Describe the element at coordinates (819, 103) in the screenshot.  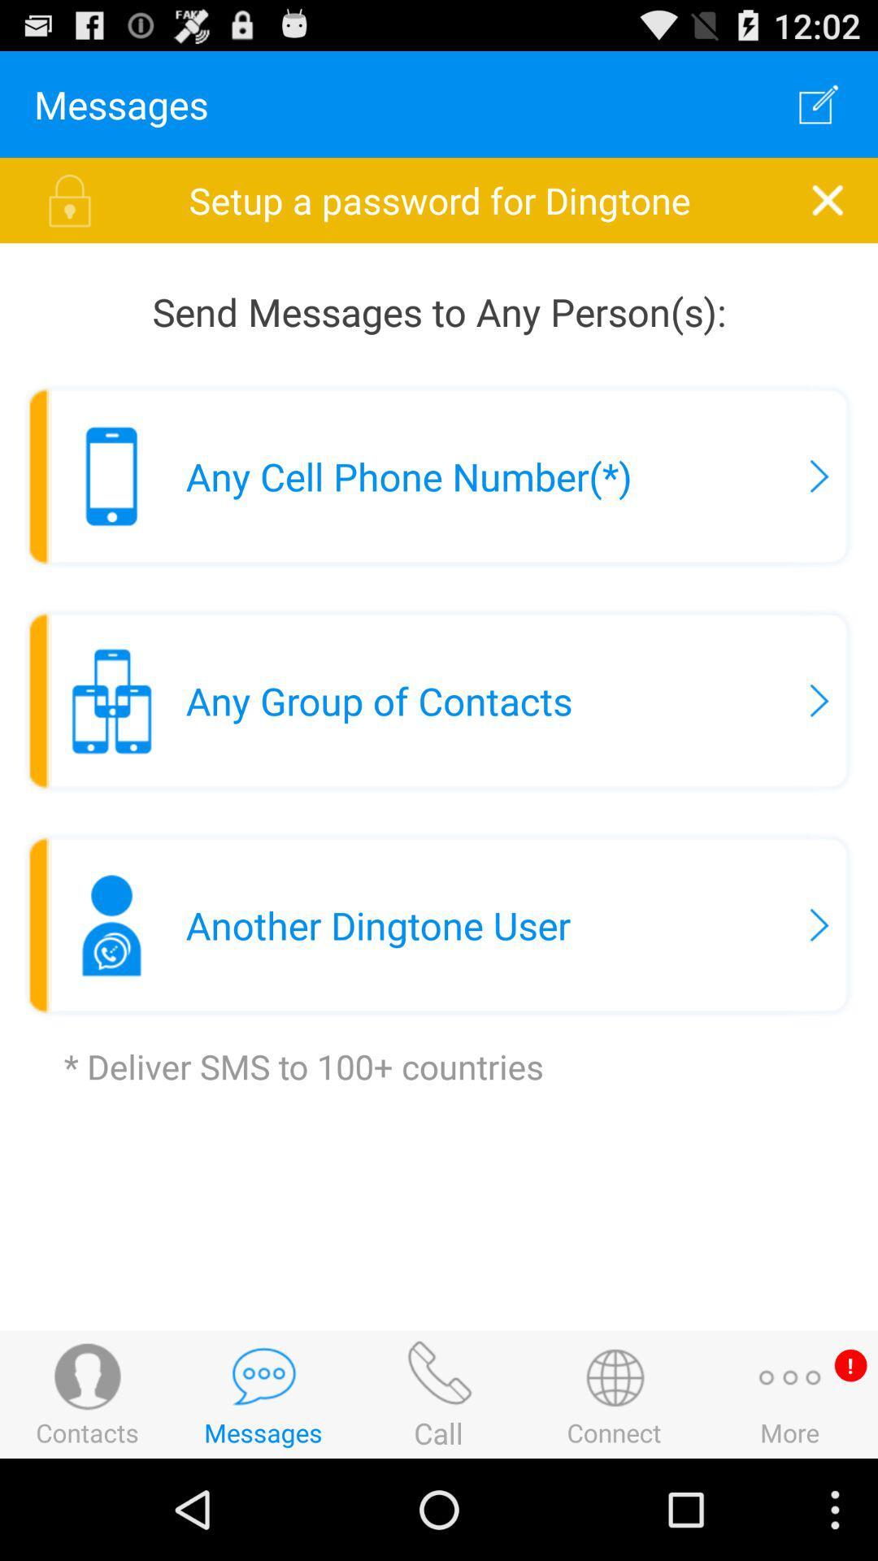
I see `app above the setup a password` at that location.